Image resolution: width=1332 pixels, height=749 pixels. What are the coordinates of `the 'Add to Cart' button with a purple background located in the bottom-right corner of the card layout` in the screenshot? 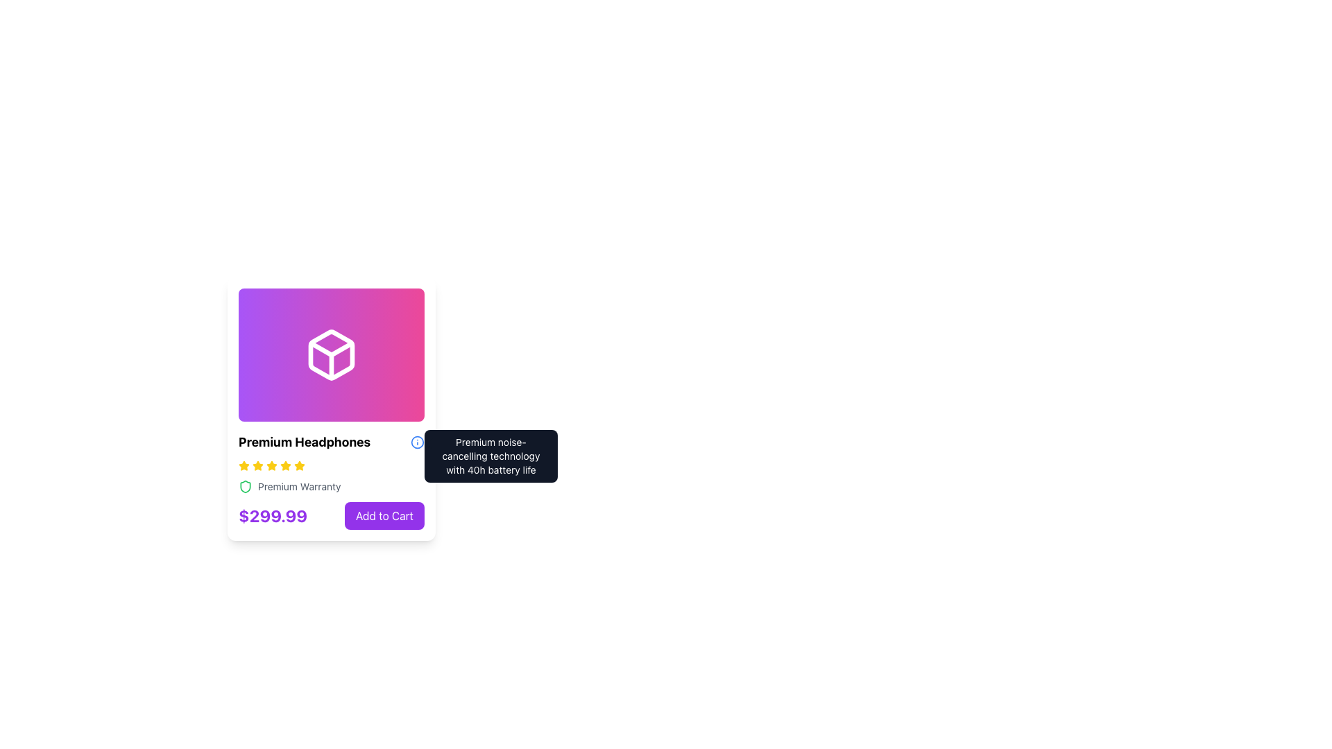 It's located at (384, 516).